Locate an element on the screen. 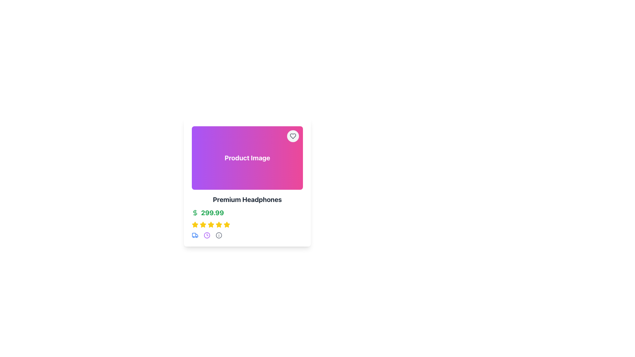 The image size is (635, 357). the third yellow five-pointed star icon in the row located under the 'Premium Headphones' label is located at coordinates (211, 224).